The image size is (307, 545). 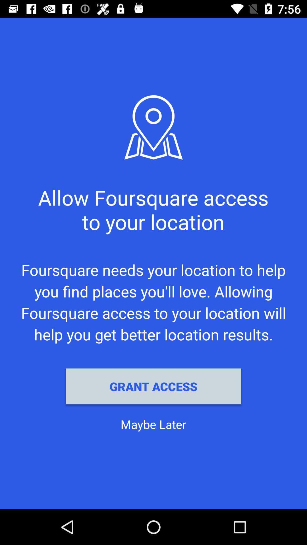 What do you see at coordinates (153, 386) in the screenshot?
I see `the icon above the maybe later item` at bounding box center [153, 386].